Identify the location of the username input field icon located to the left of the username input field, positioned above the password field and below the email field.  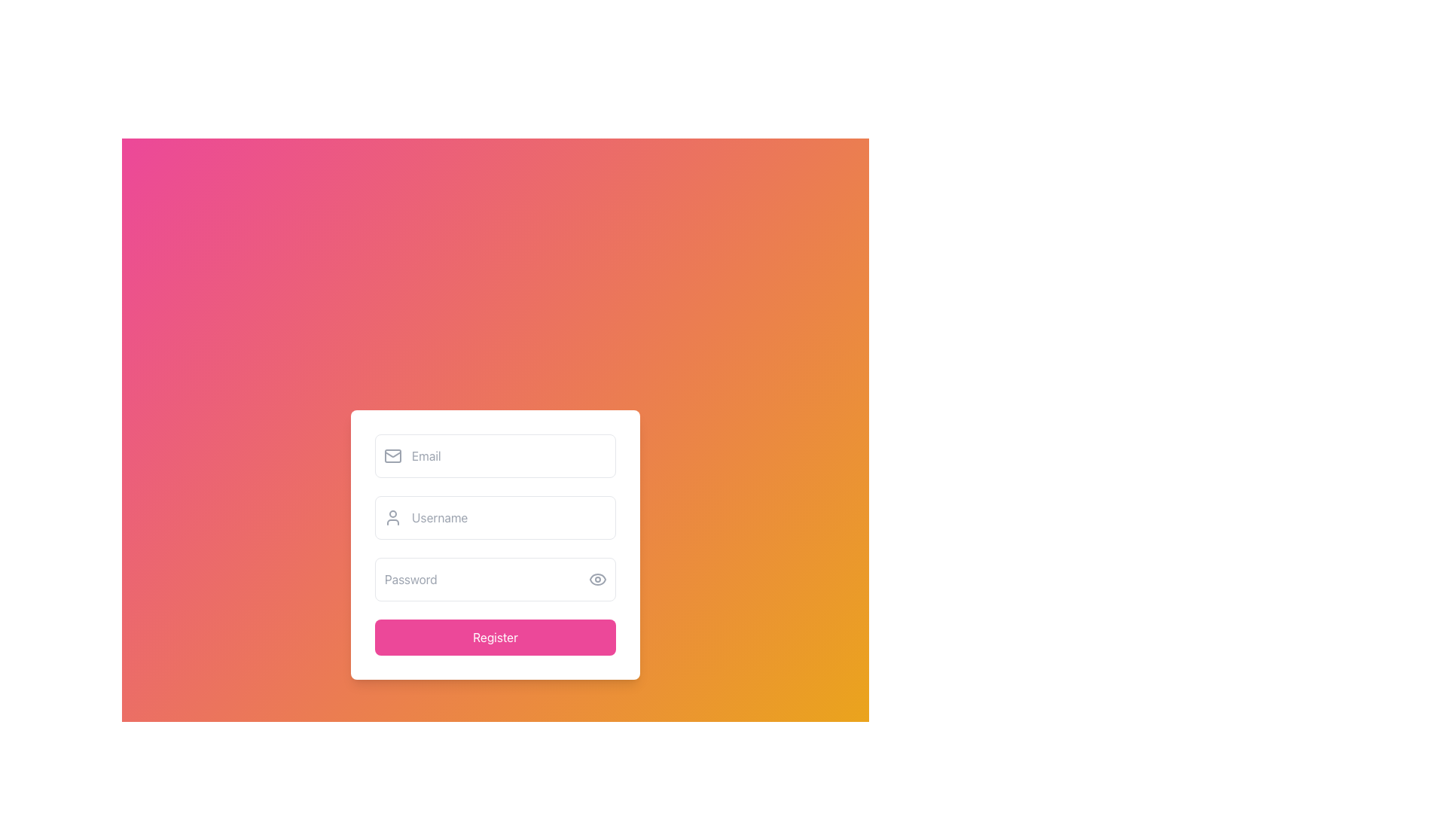
(393, 516).